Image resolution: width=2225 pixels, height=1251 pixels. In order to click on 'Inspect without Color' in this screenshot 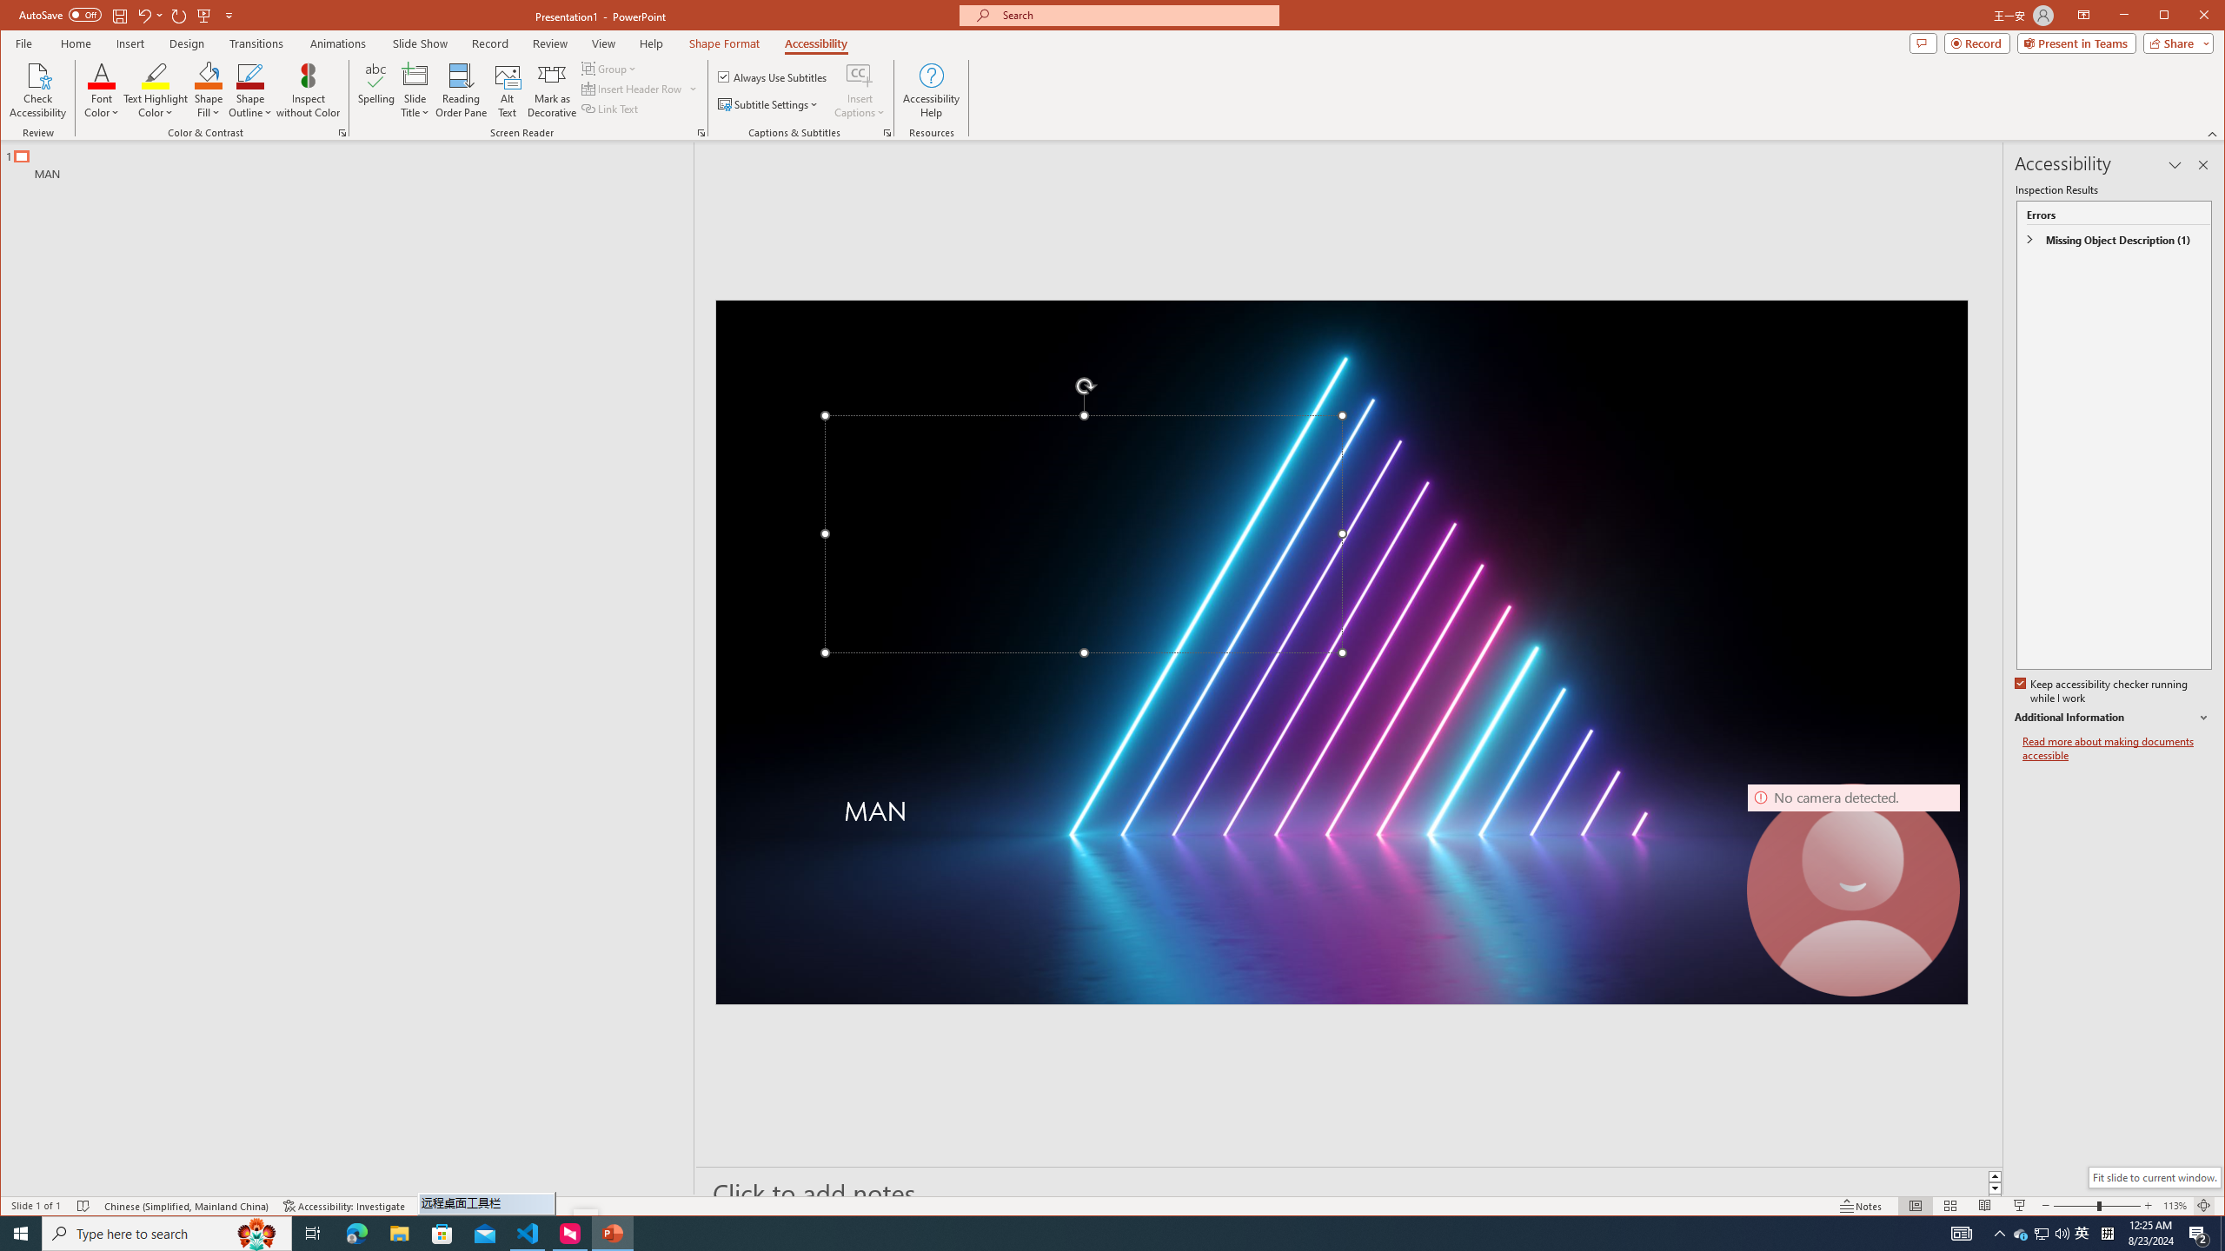, I will do `click(308, 89)`.